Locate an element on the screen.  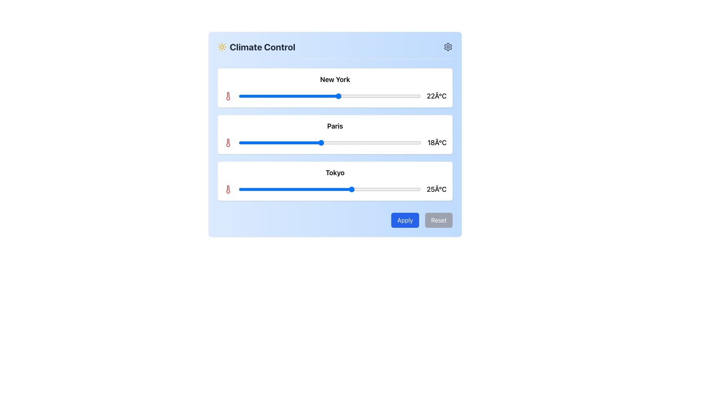
the temperature value is located at coordinates (243, 95).